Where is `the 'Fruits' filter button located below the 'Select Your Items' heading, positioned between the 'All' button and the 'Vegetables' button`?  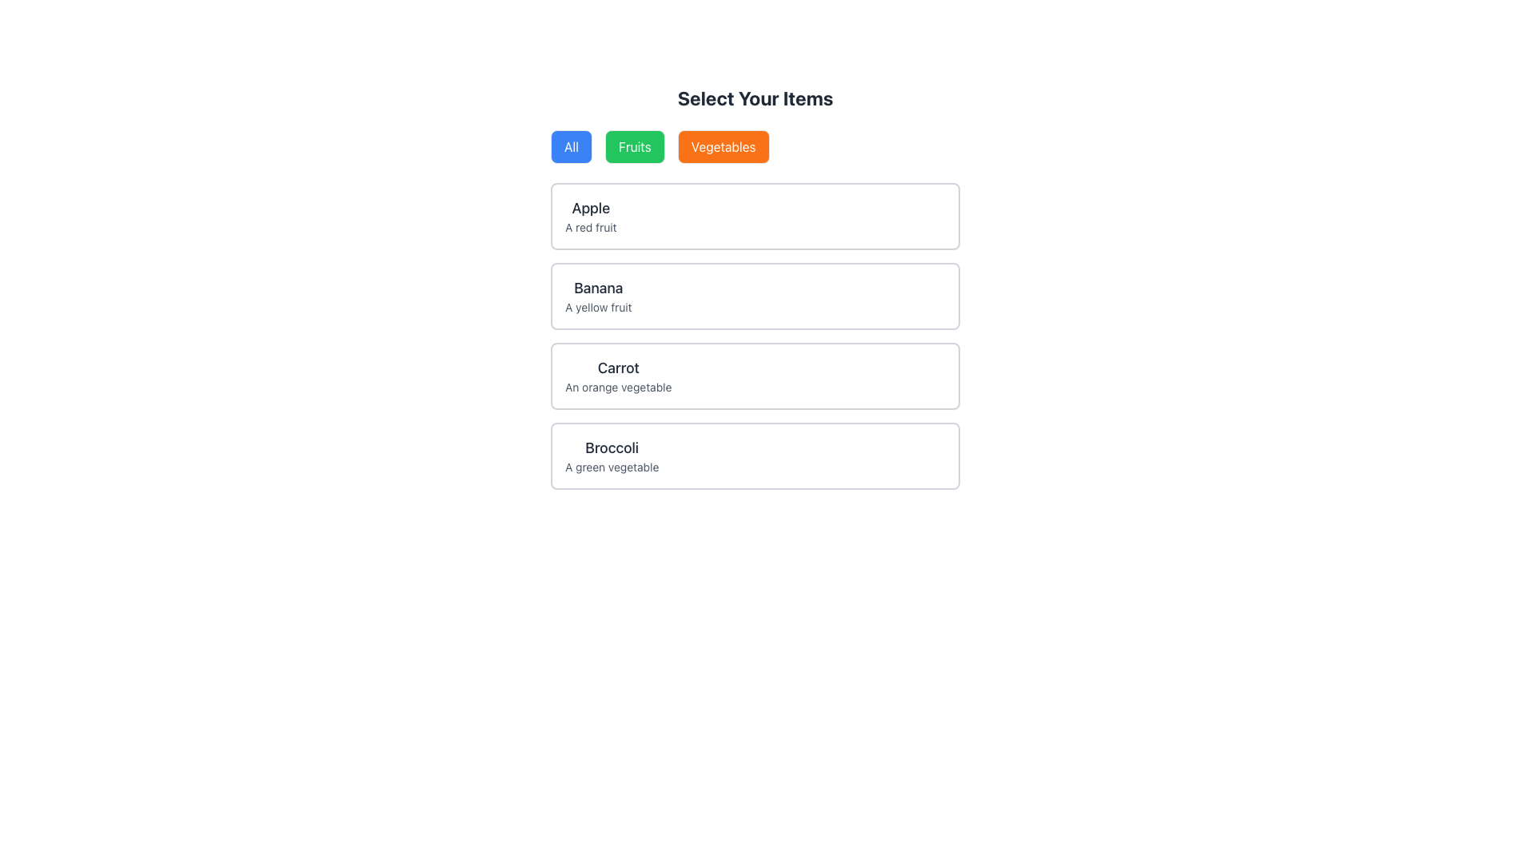
the 'Fruits' filter button located below the 'Select Your Items' heading, positioned between the 'All' button and the 'Vegetables' button is located at coordinates (633, 147).